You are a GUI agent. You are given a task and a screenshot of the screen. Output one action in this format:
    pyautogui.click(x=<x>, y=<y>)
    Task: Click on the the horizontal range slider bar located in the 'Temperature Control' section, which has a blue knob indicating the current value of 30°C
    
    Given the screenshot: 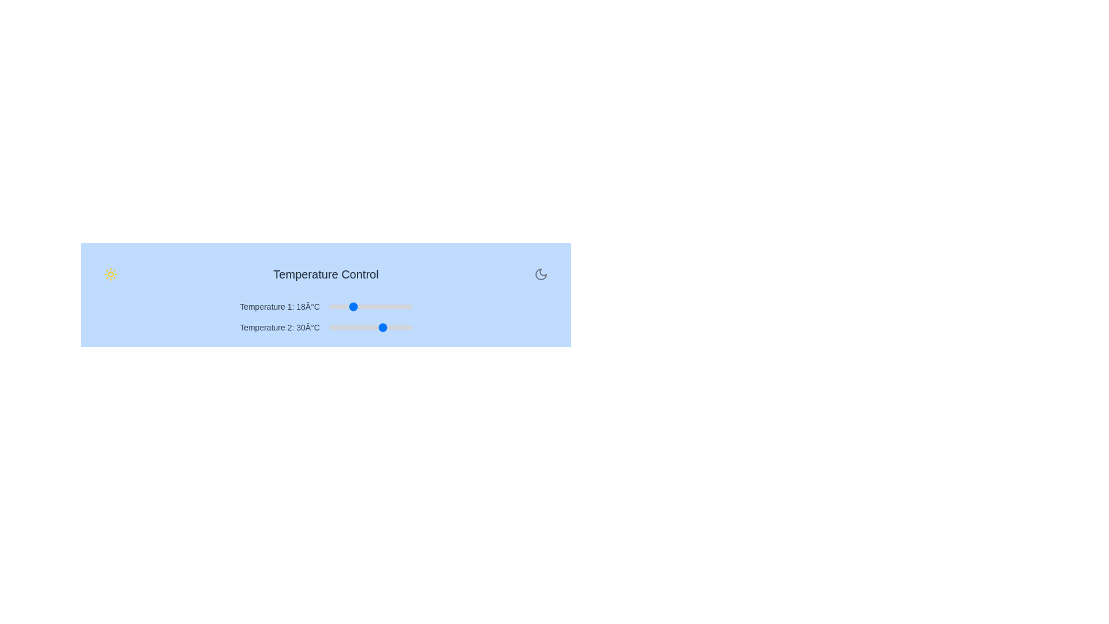 What is the action you would take?
    pyautogui.click(x=370, y=328)
    